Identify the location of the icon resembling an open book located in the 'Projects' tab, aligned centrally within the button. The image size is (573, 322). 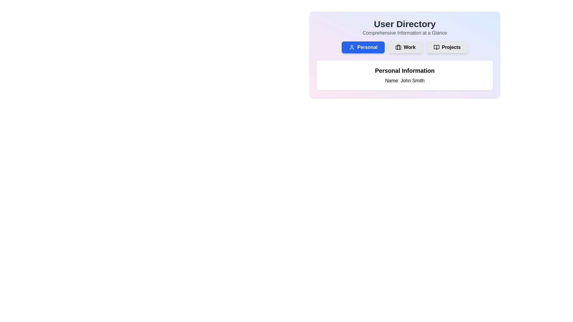
(436, 47).